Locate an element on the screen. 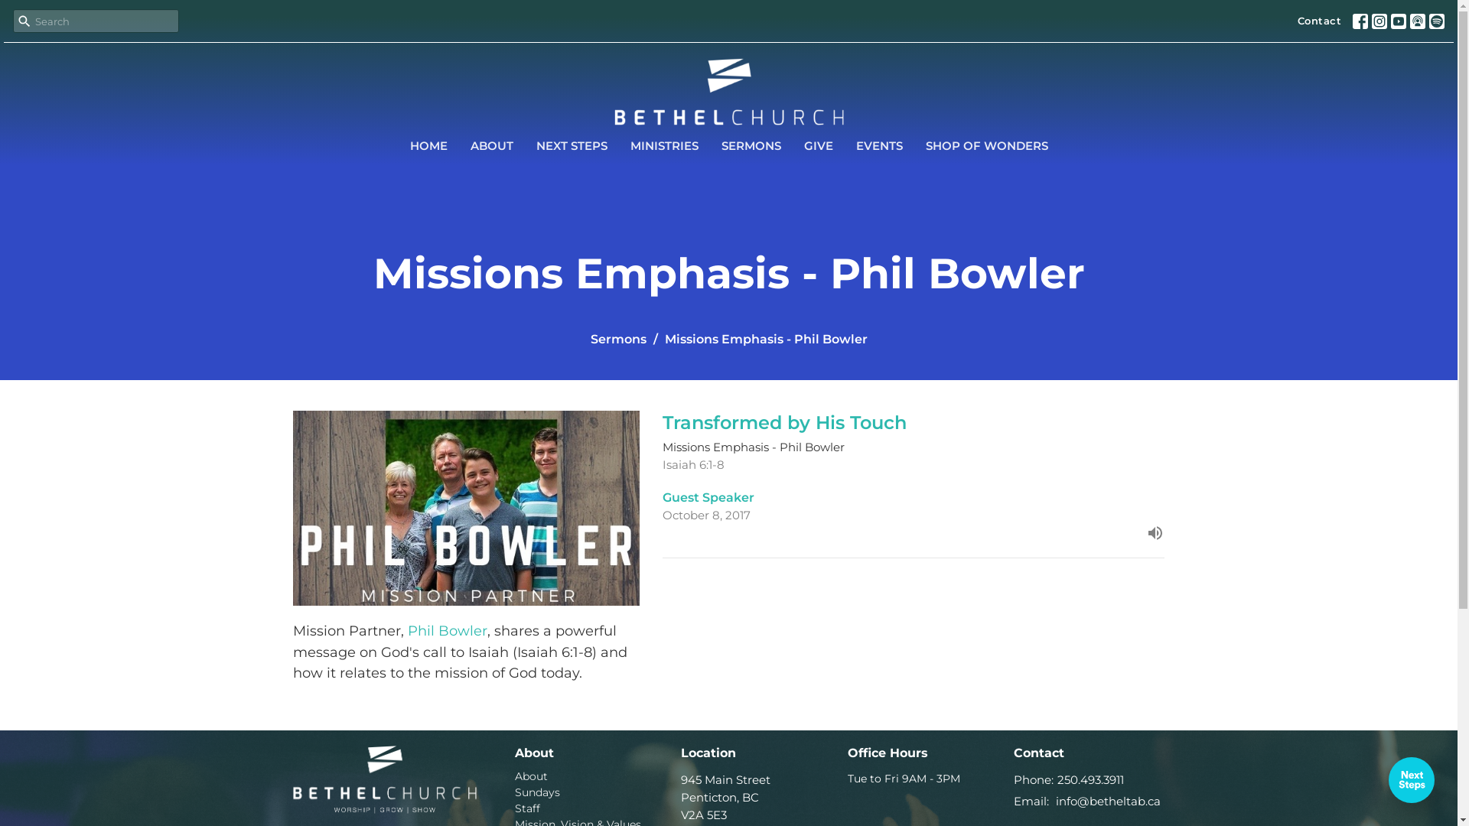 The image size is (1469, 826). 'Sundays' is located at coordinates (514, 792).